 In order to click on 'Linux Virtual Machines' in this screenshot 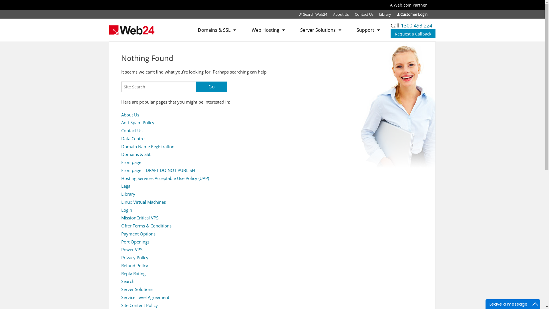, I will do `click(144, 202)`.